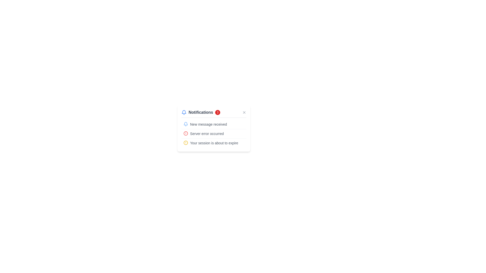  Describe the element at coordinates (208, 124) in the screenshot. I see `the first text label in the list of notifications that informs about a newly received message` at that location.